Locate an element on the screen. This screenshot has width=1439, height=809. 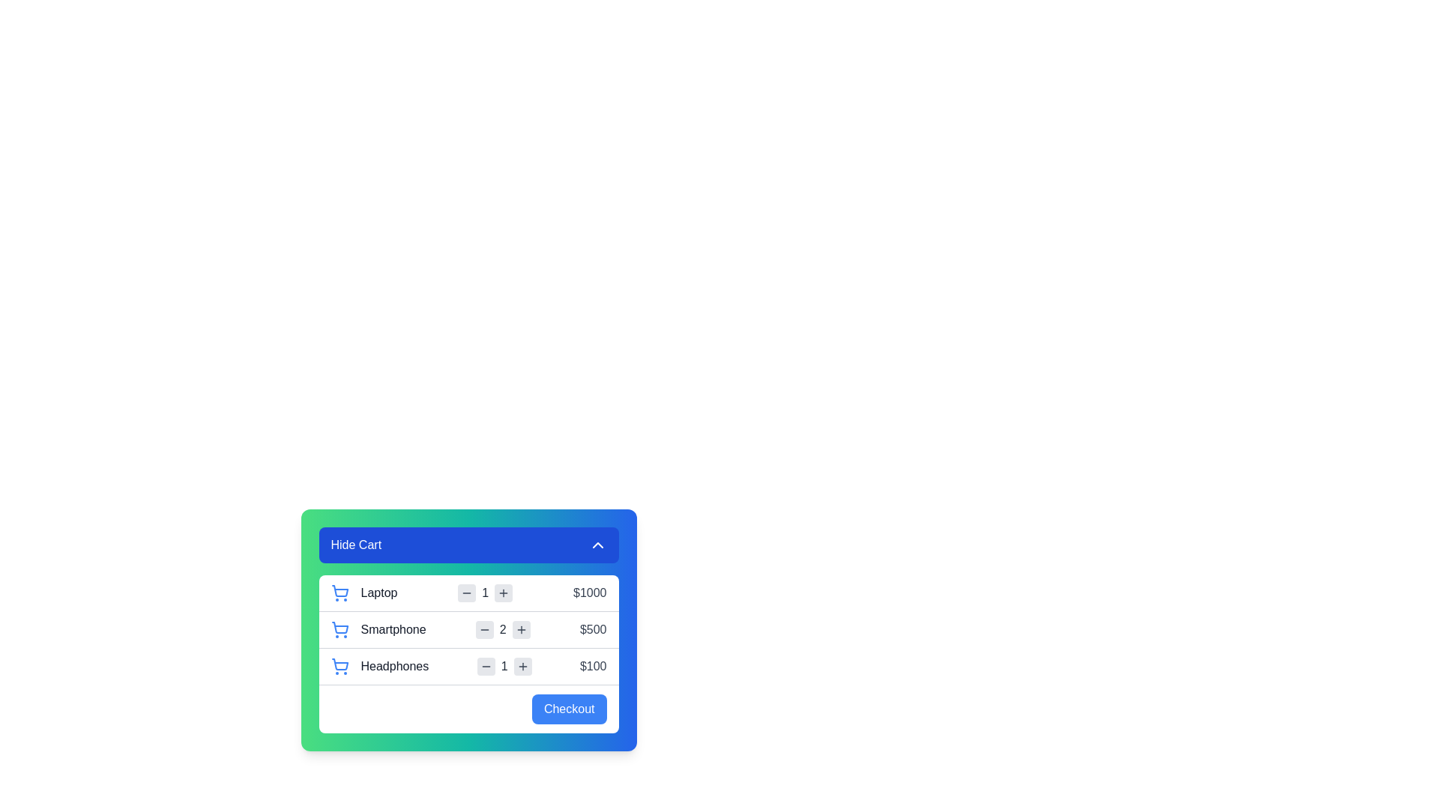
the toggle button for collapsing or hiding the cart content located at the top right corner of the 'Hide Cart' section in the header bar is located at coordinates (597, 545).